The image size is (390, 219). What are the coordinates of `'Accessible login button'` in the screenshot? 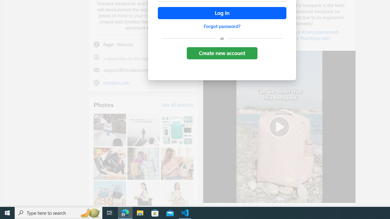 It's located at (222, 13).